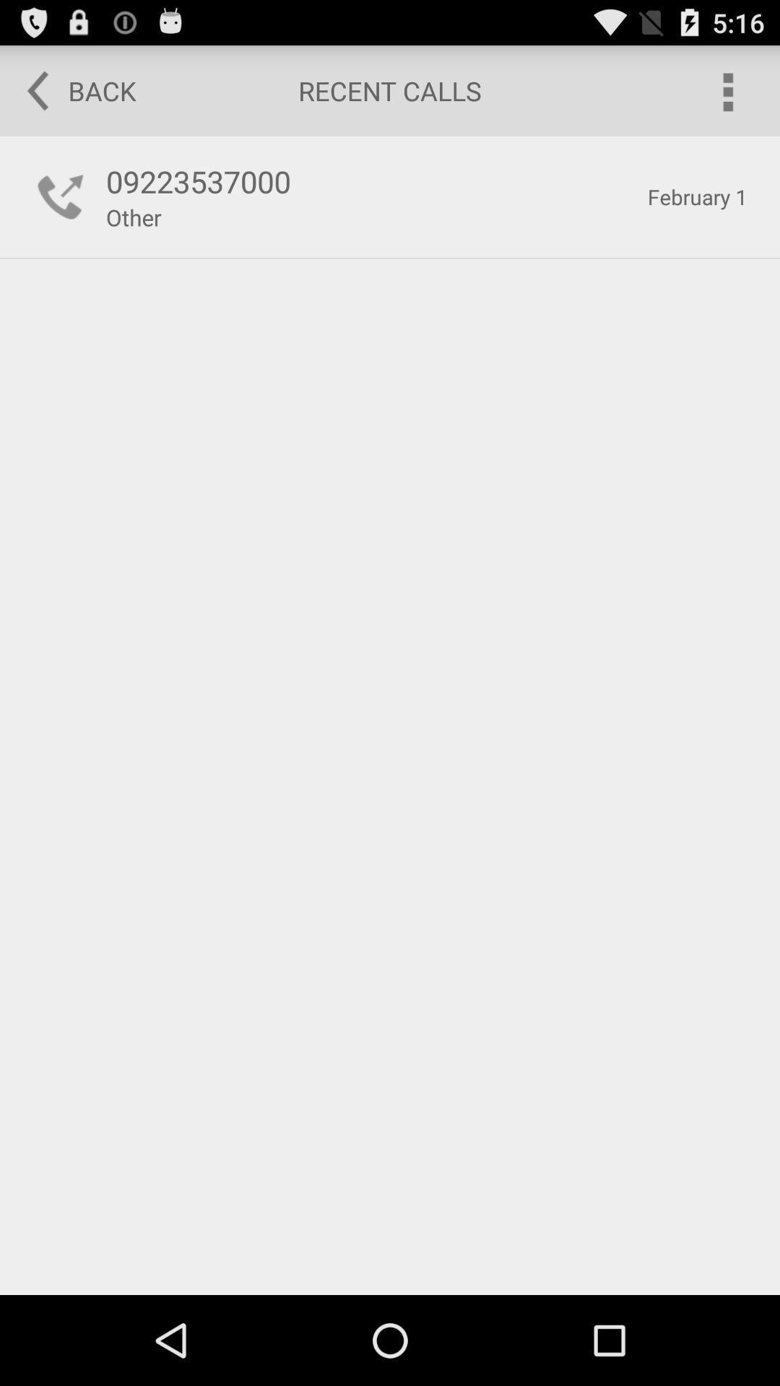 This screenshot has width=780, height=1386. Describe the element at coordinates (696, 196) in the screenshot. I see `the february 1` at that location.